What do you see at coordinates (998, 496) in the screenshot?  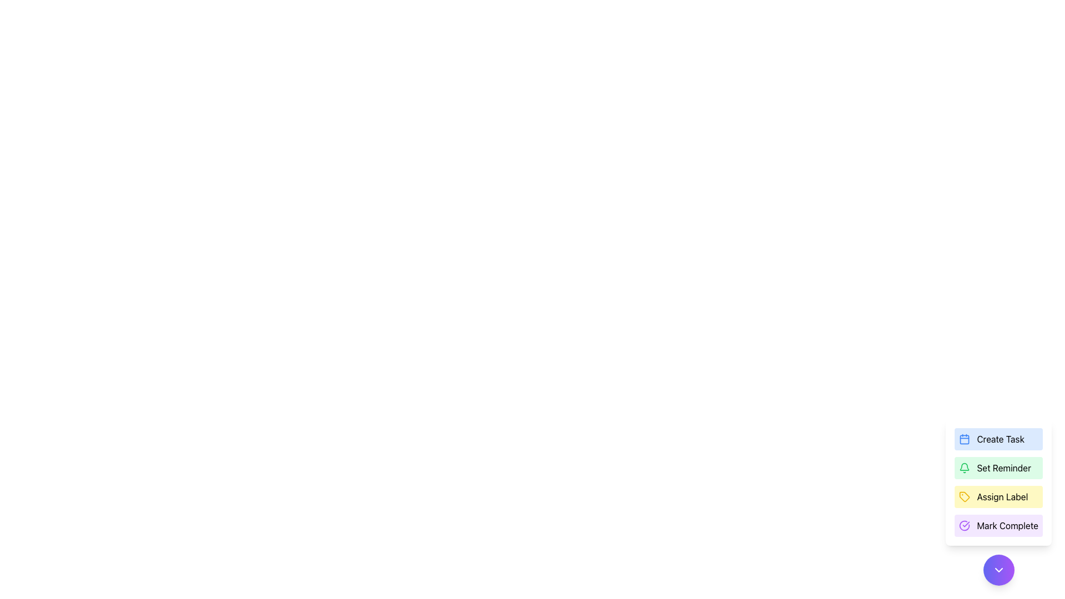 I see `the 'Assign Label' button, which is a rectangular button with rounded corners, filled in a light yellow color, located in a vertical stack of buttons as the third item` at bounding box center [998, 496].